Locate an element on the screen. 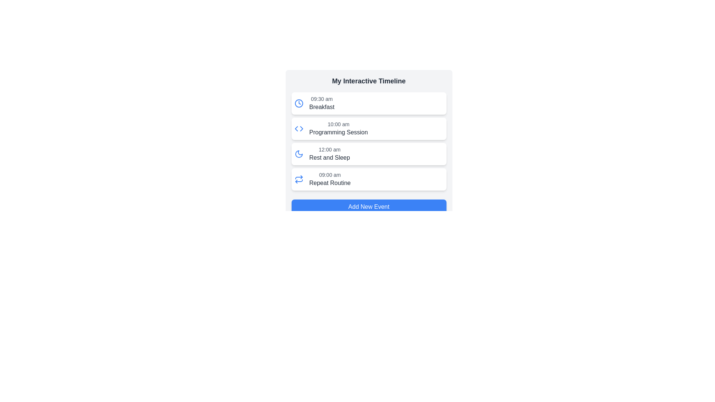 This screenshot has height=402, width=715. informational text label that describes the event scheduled at '09:30 am' in the timeline, specifically the text 'Breakfast' located beneath the smaller time text is located at coordinates (322, 107).